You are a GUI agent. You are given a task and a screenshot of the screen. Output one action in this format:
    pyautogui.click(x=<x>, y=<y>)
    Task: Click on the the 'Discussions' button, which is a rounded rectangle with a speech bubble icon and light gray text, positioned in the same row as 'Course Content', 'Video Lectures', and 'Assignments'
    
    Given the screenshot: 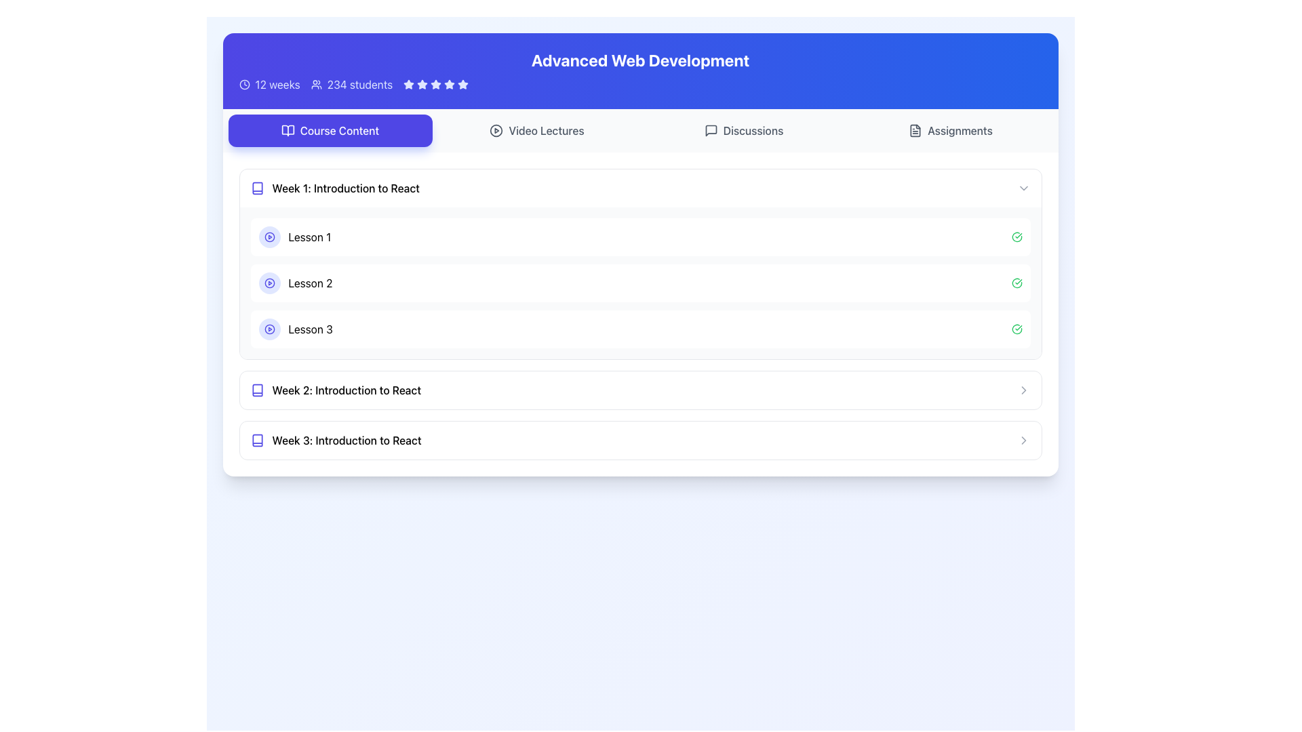 What is the action you would take?
    pyautogui.click(x=743, y=130)
    